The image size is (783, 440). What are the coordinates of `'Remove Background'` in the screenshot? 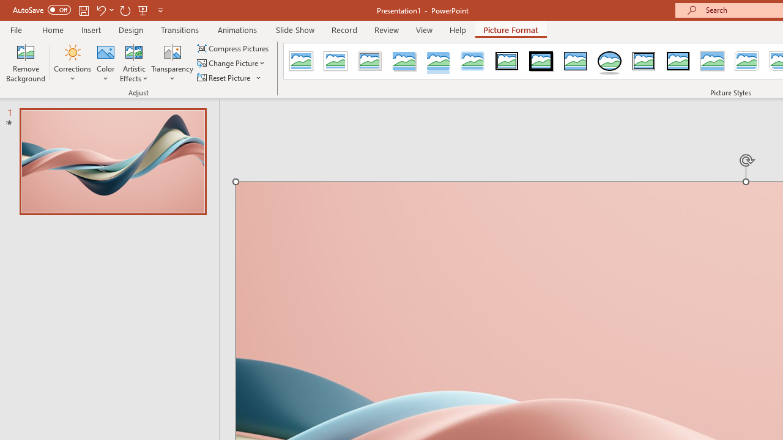 It's located at (26, 63).